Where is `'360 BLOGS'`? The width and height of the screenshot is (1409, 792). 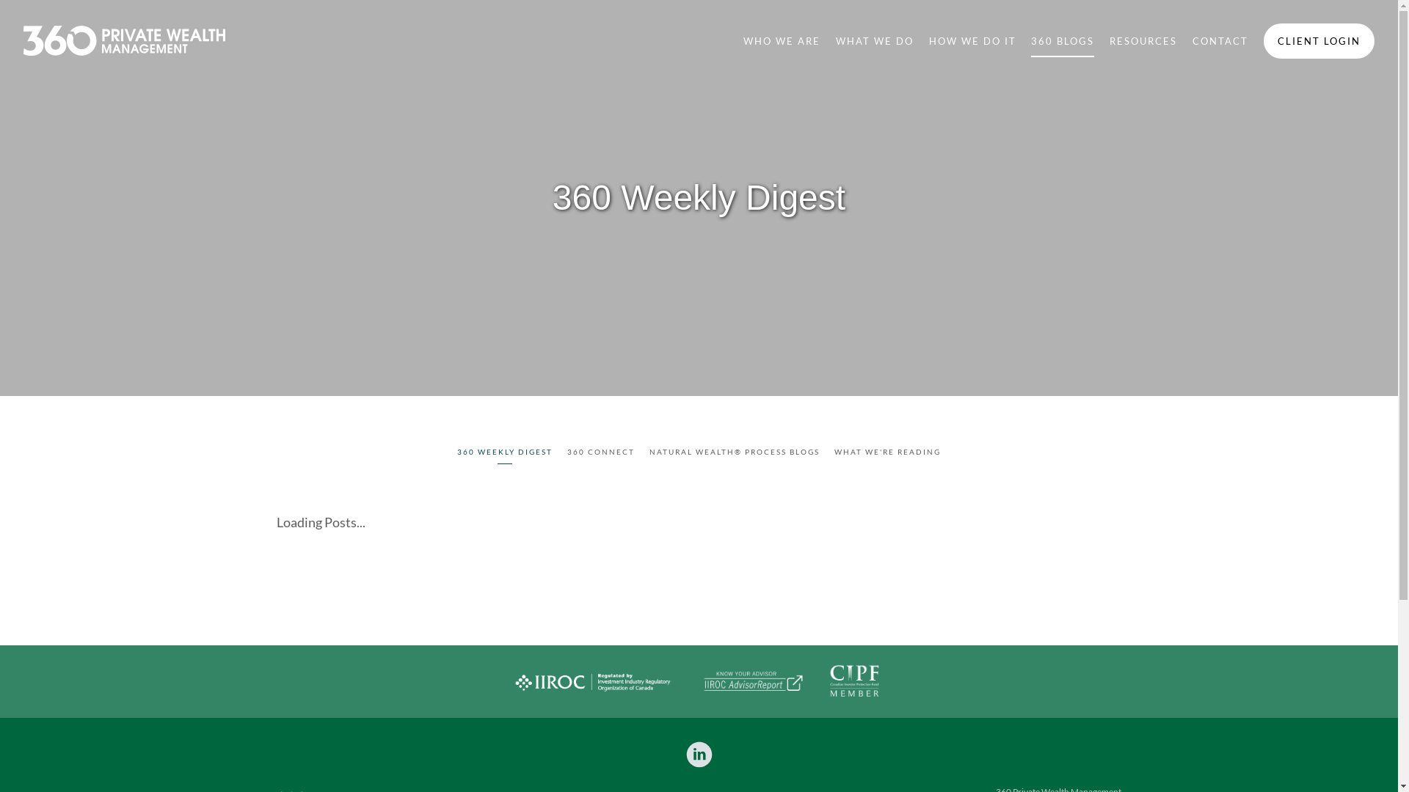
'360 BLOGS' is located at coordinates (1030, 40).